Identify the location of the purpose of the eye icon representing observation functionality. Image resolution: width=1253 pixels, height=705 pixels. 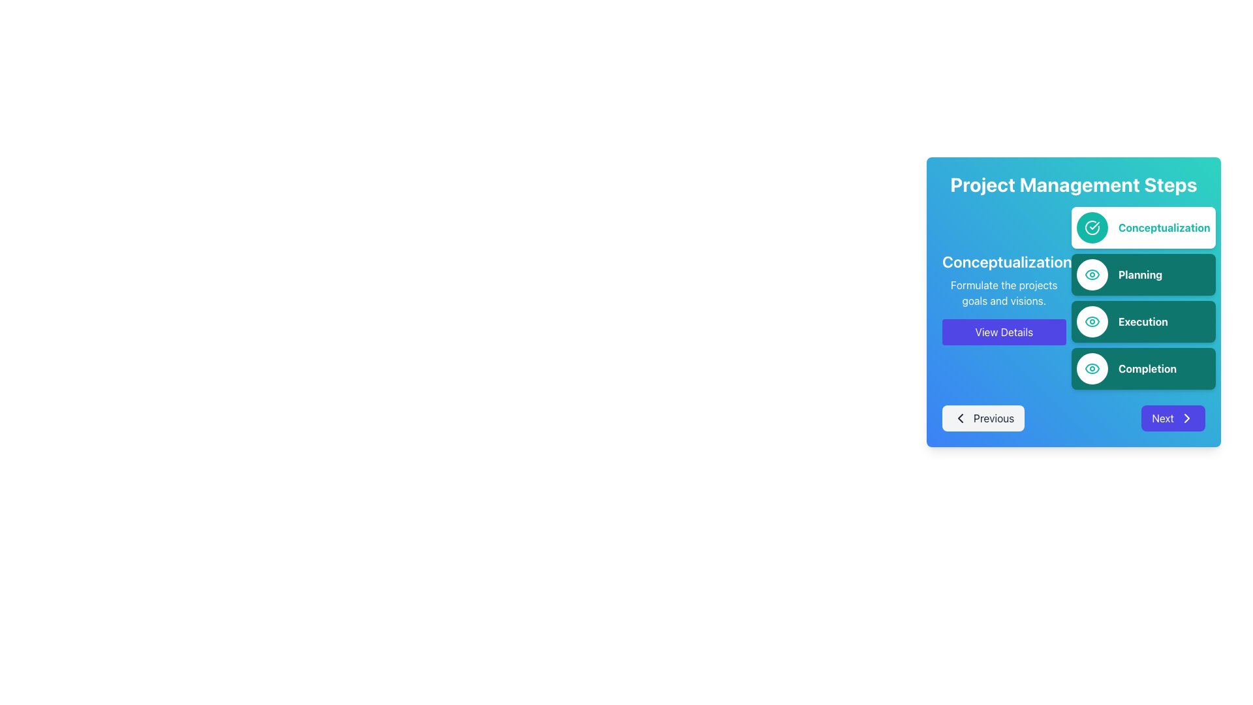
(1092, 368).